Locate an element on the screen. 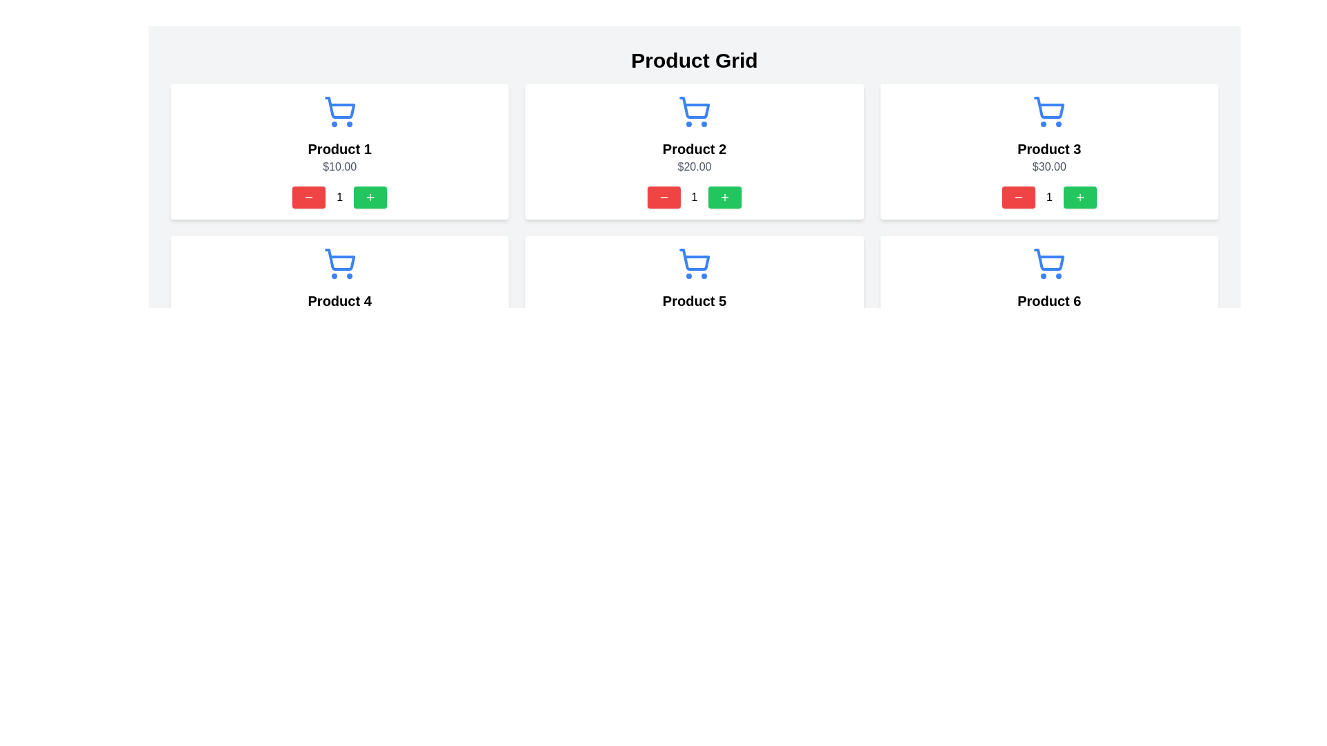 The width and height of the screenshot is (1327, 746). the increase quantity button located in the middle of the green button below the 'Product 3' card in the product grid is located at coordinates (1079, 197).